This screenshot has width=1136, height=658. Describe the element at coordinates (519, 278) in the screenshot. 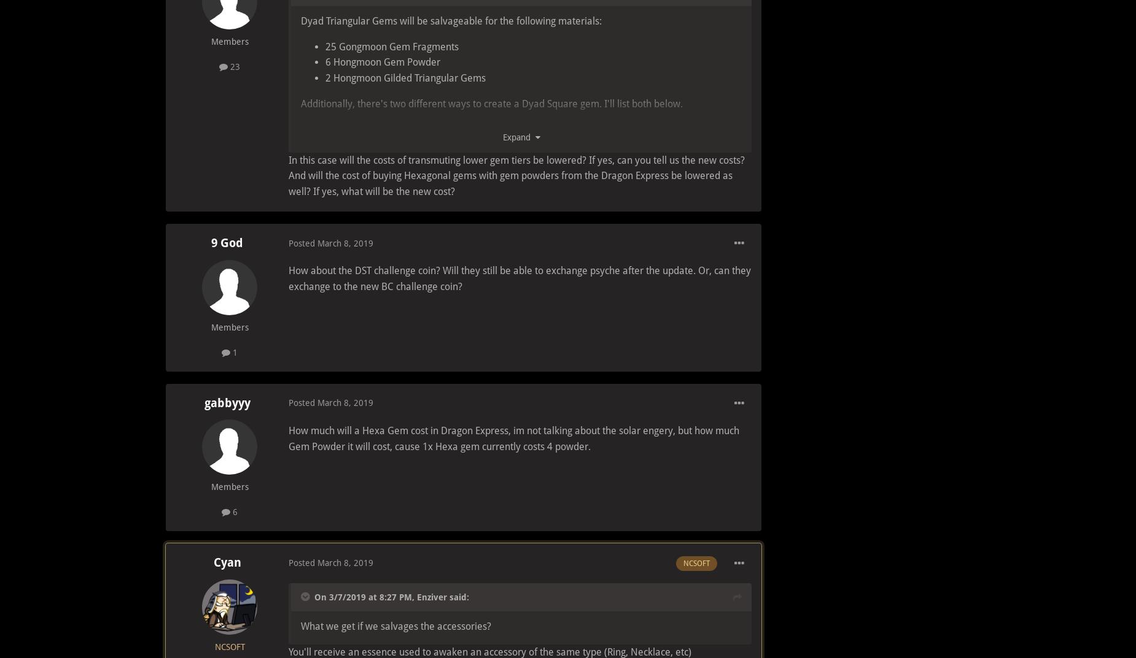

I see `'How about the DST challenge coin? Will they still be able to exchange psyche after the update. Or, can they exchange to the new BC challenge coin?'` at that location.